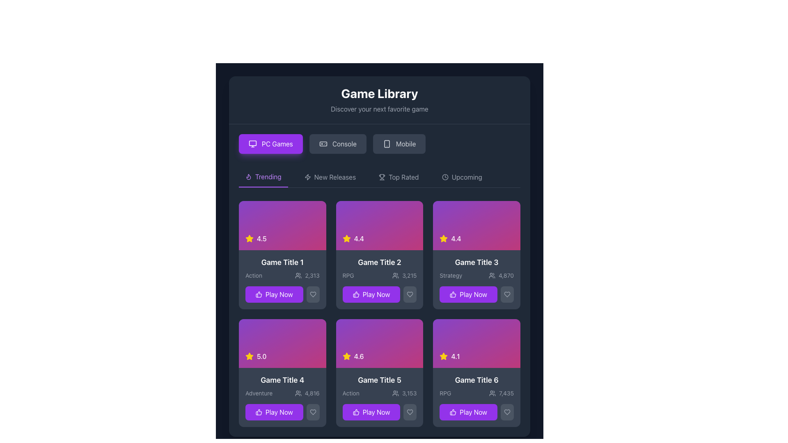 This screenshot has height=443, width=788. Describe the element at coordinates (379, 279) in the screenshot. I see `title 'Game Title 2' or the description 'RPG' from the card element with a gray background and purple frame, located in the second card from the left in the top row of the game library section` at that location.